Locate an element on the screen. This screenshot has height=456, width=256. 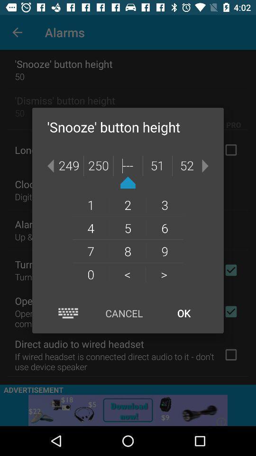
open keyboard is located at coordinates (68, 313).